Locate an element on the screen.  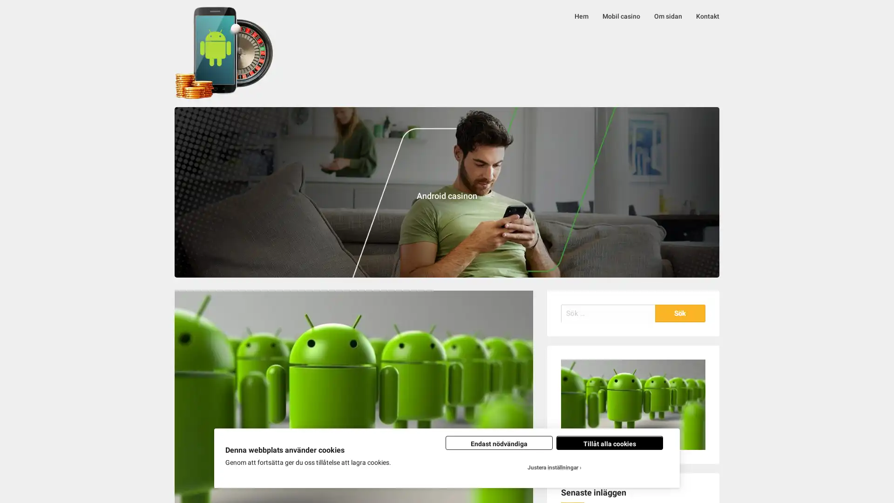
Tillat alla cookies is located at coordinates (610, 442).